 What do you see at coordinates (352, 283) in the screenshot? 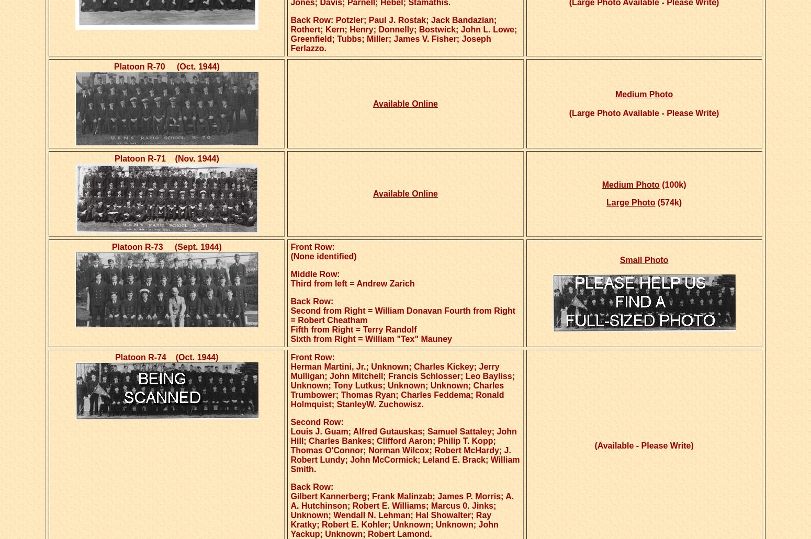
I see `'Third from left = Andrew Zarich'` at bounding box center [352, 283].